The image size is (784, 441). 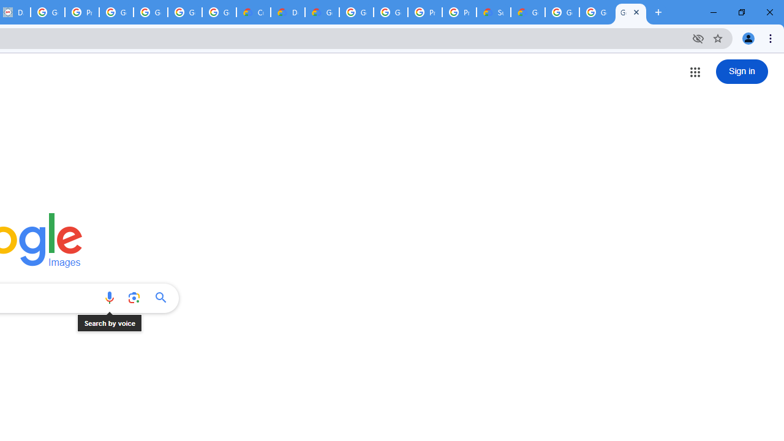 What do you see at coordinates (134, 298) in the screenshot?
I see `'Search by image'` at bounding box center [134, 298].